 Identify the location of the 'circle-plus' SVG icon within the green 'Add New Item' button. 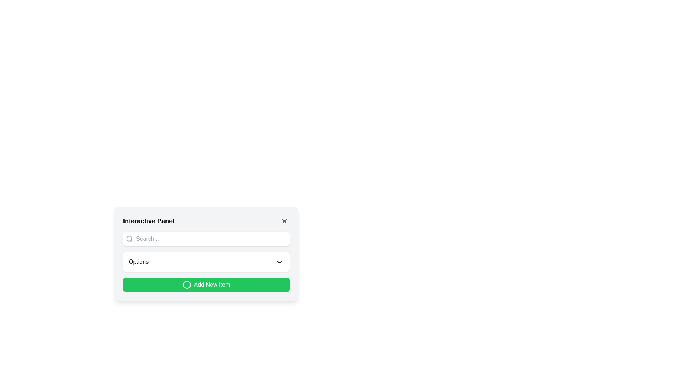
(187, 284).